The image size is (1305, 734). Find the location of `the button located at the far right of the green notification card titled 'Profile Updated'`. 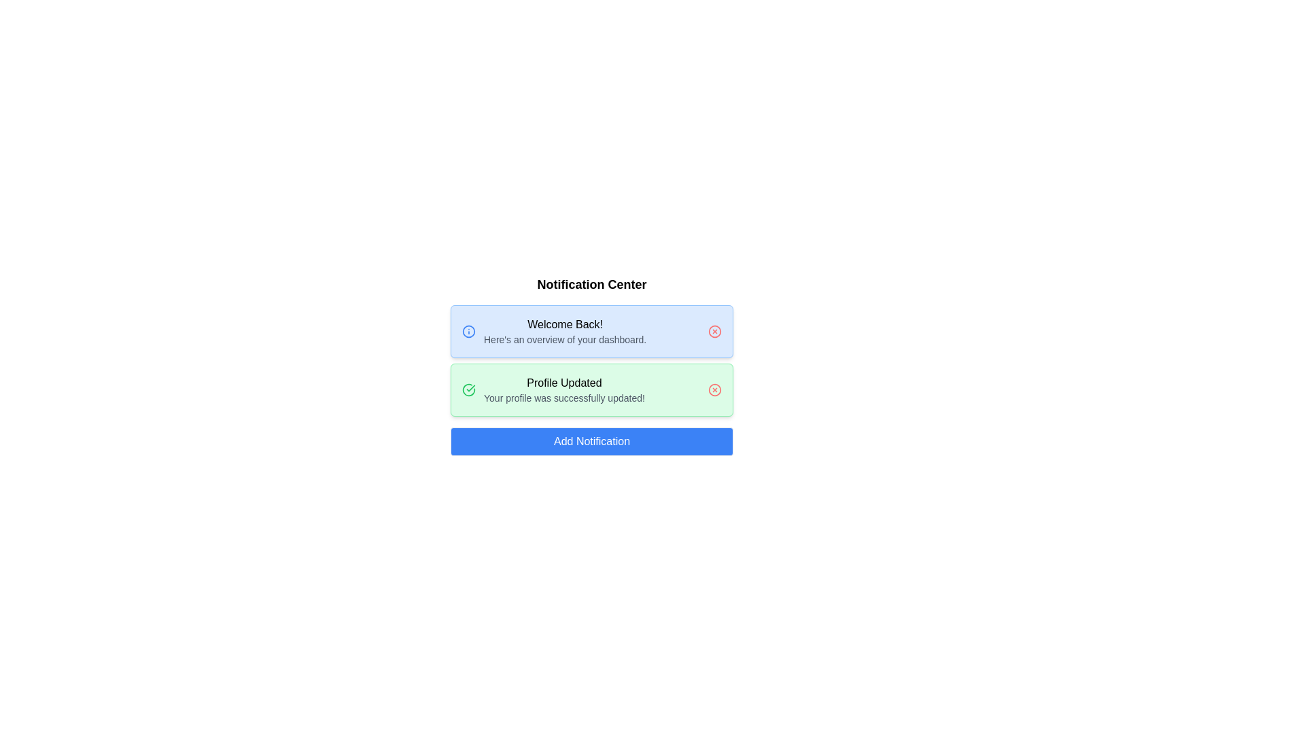

the button located at the far right of the green notification card titled 'Profile Updated' is located at coordinates (714, 390).